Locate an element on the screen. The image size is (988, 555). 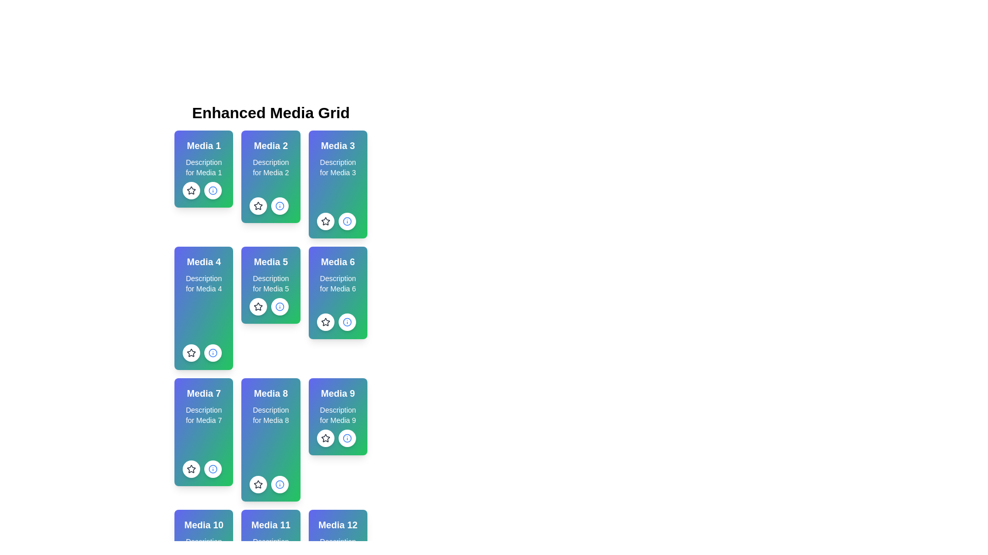
the text label displaying 'Description for Media 4' which is located directly beneath the 'Media 4' header in the card with a gradient background is located at coordinates (204, 283).